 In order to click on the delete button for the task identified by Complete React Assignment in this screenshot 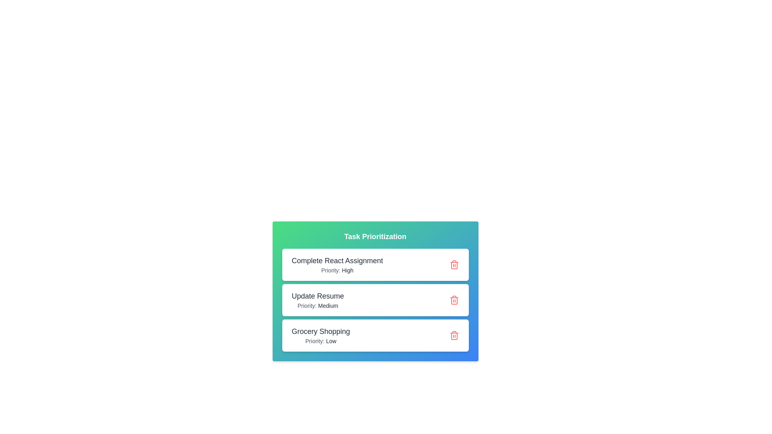, I will do `click(454, 265)`.